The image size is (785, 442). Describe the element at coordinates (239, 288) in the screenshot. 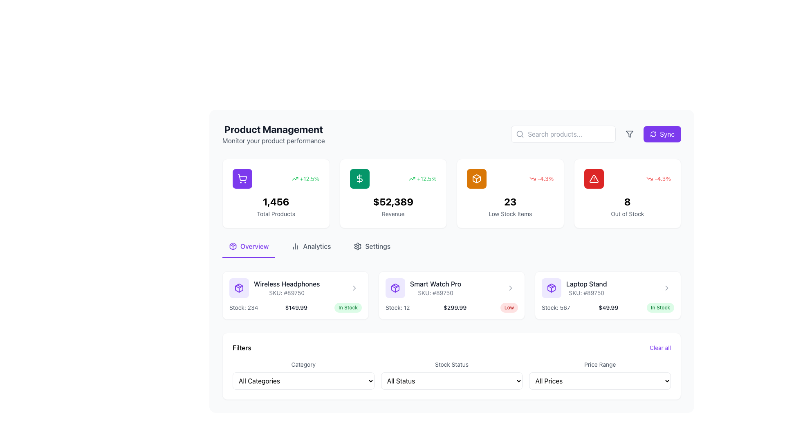

I see `the 3D box SVG icon, which is colored in violet and located within a circular violet-filled background in the second column of the overview cards representing 'Low Stock Items' in the product management dashboard` at that location.